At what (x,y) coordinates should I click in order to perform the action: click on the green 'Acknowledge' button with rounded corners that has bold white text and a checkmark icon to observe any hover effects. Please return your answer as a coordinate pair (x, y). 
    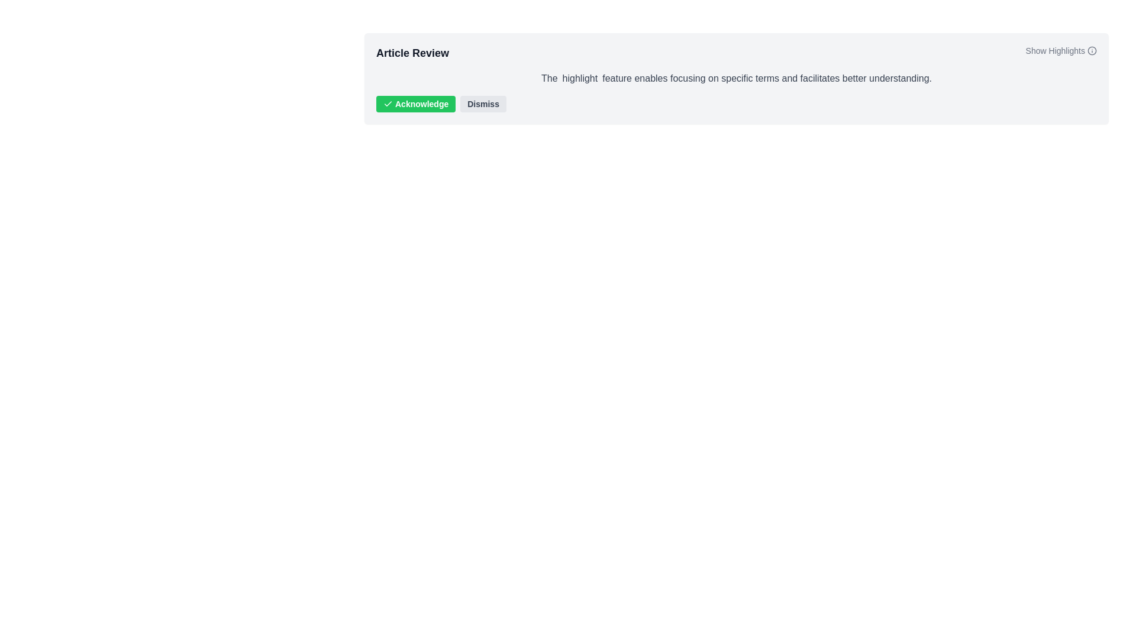
    Looking at the image, I should click on (416, 104).